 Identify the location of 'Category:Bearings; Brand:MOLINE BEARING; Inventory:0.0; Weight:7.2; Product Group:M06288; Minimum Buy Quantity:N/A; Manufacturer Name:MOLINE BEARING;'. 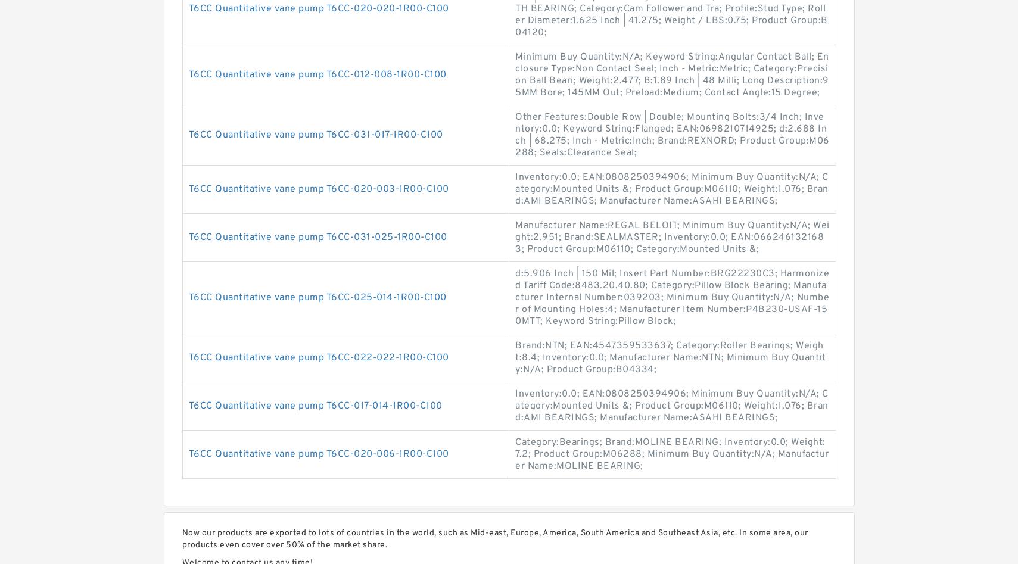
(671, 454).